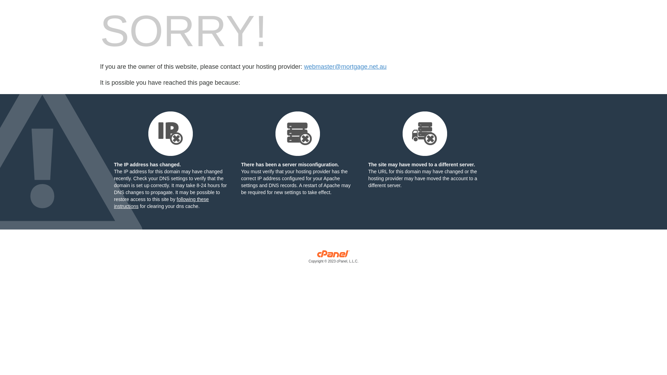  What do you see at coordinates (304, 67) in the screenshot?
I see `'webmaster@mortgage.net.au'` at bounding box center [304, 67].